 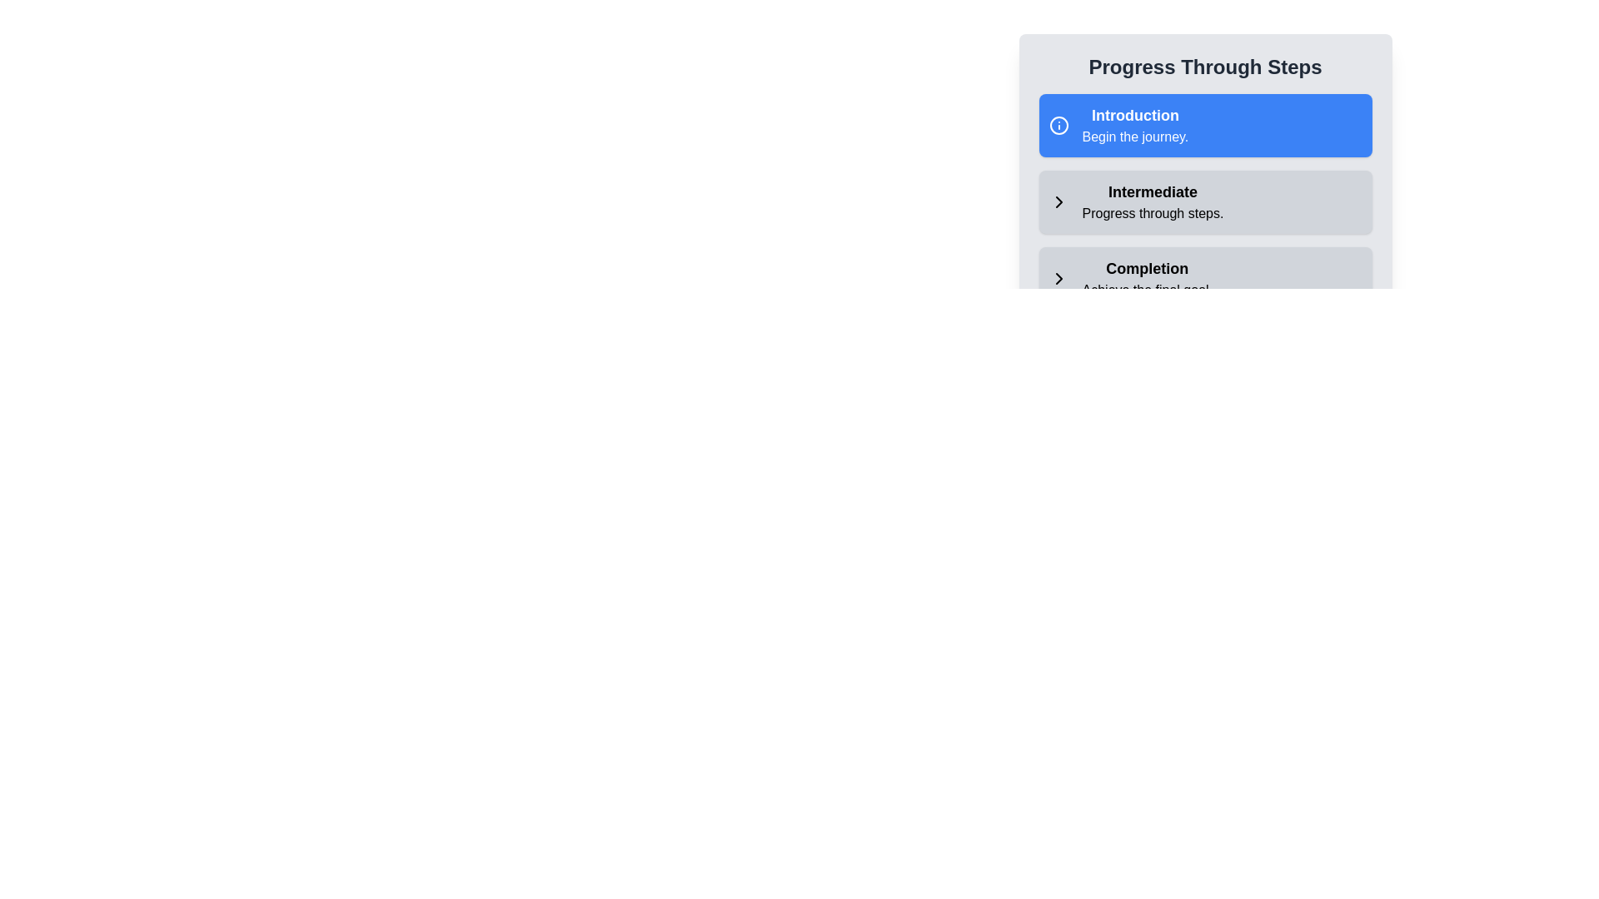 I want to click on the visual indicator for the step 2, so click(x=1058, y=201).